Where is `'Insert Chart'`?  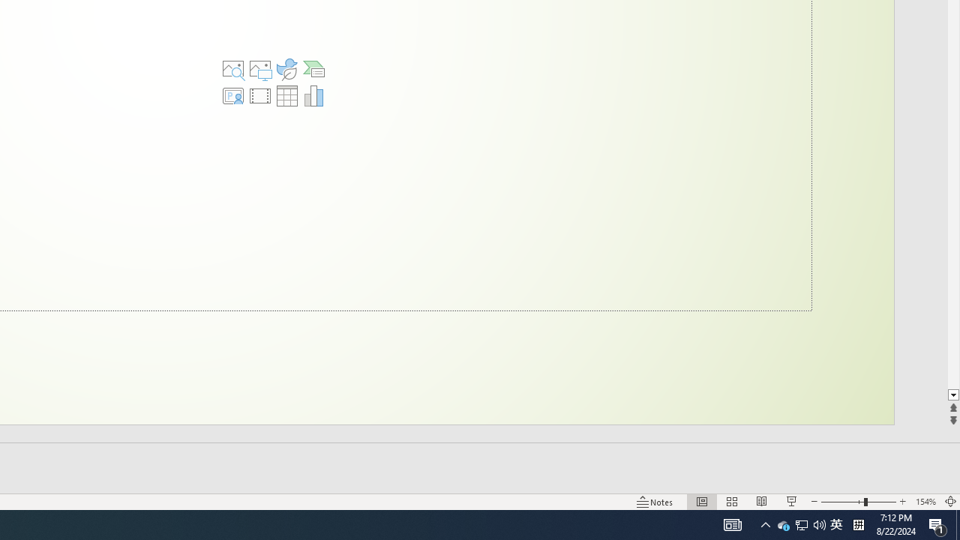
'Insert Chart' is located at coordinates (313, 96).